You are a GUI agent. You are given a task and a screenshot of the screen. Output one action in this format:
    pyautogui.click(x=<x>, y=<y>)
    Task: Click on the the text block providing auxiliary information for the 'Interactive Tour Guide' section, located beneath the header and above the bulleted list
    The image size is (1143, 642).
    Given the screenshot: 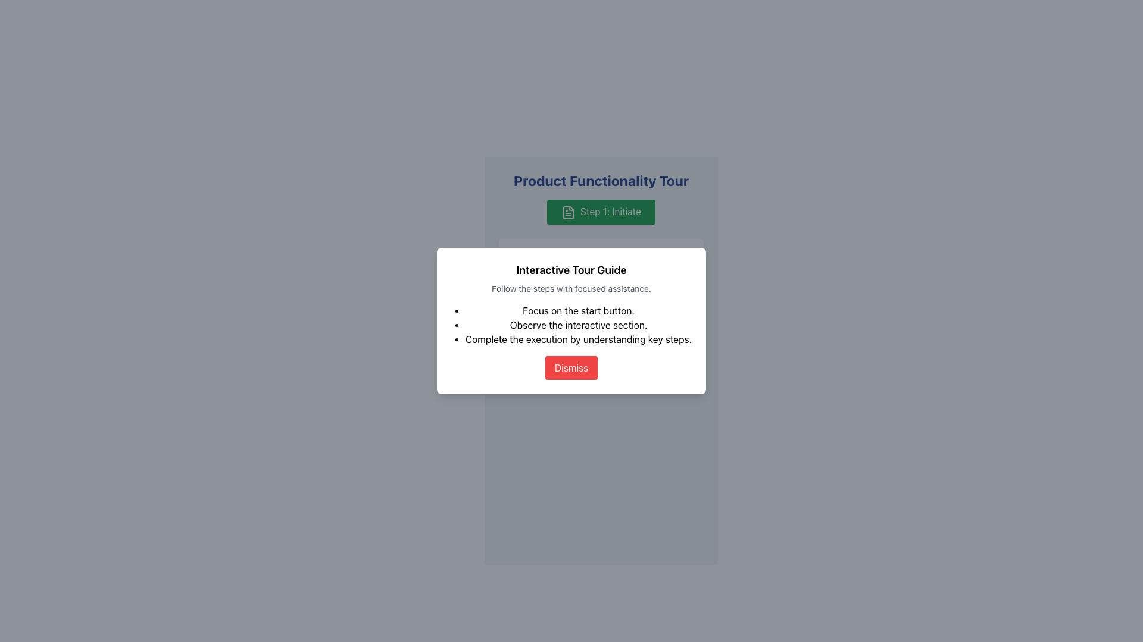 What is the action you would take?
    pyautogui.click(x=571, y=289)
    